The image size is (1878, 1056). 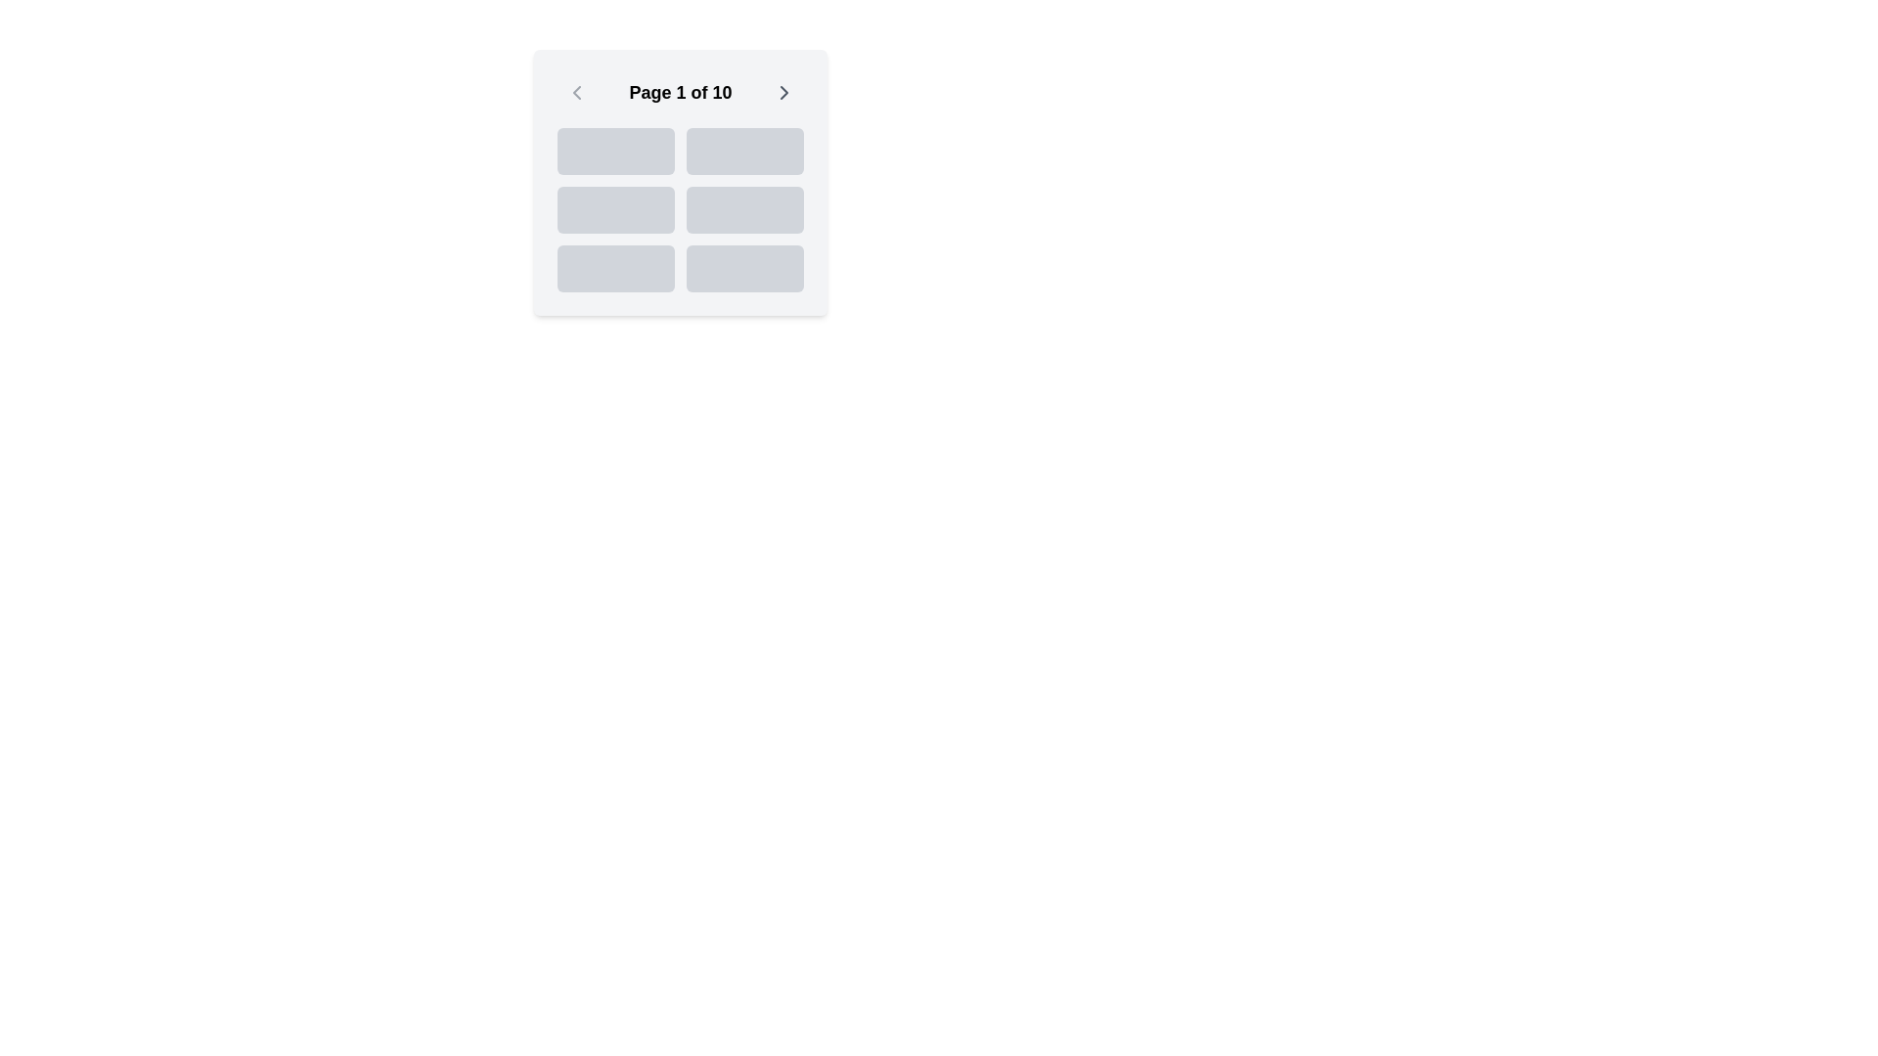 What do you see at coordinates (744, 210) in the screenshot?
I see `the light gray Placeholder block with rounded corners located in the second column and second row of a 3x2 grid layout` at bounding box center [744, 210].